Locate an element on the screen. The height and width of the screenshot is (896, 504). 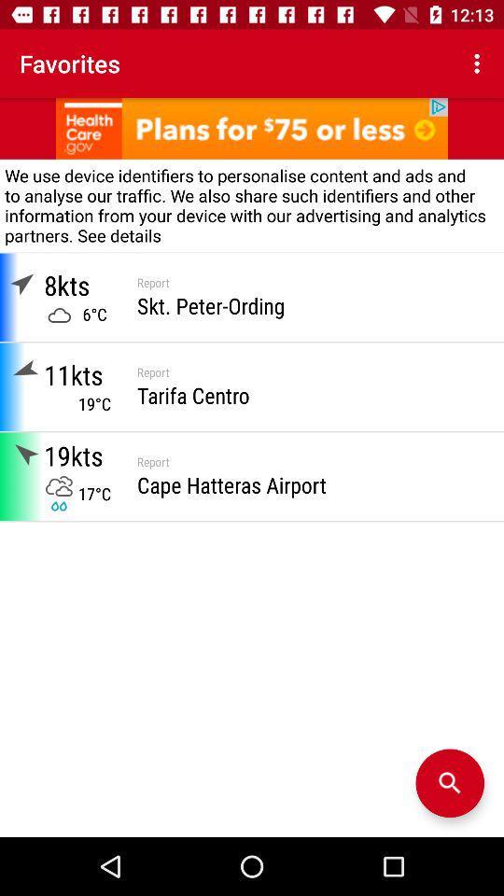
search the option is located at coordinates (449, 783).